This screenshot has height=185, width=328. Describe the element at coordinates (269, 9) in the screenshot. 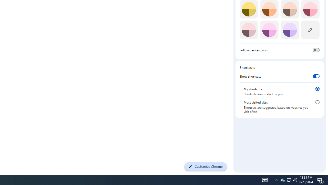

I see `'Orange'` at that location.